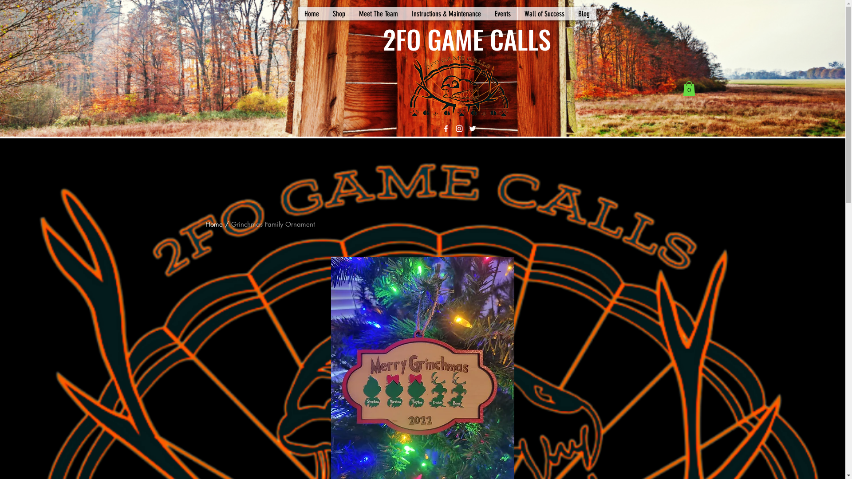  I want to click on 'Grinchmas Family Ornament', so click(230, 224).